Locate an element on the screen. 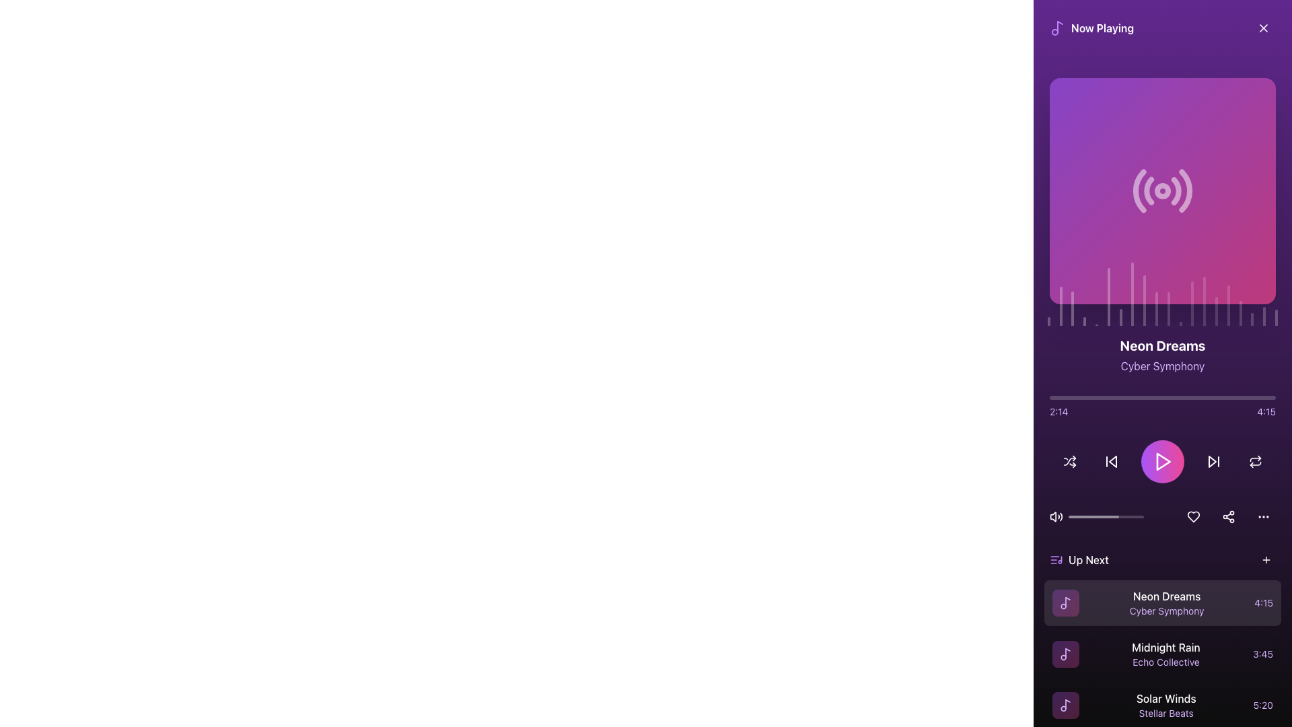 This screenshot has width=1292, height=727. the text label displaying 'Echo Collective', which is located directly below 'Midnight Rain' in the 'Up Next' section of the music player interface is located at coordinates (1165, 661).